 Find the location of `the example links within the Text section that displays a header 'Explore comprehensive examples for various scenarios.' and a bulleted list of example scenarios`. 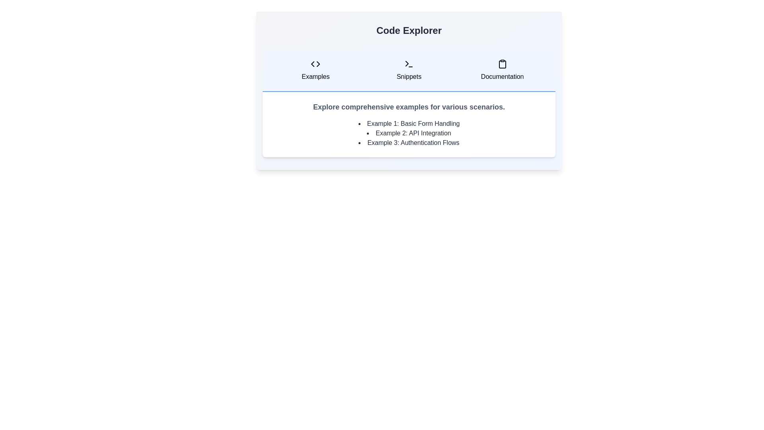

the example links within the Text section that displays a header 'Explore comprehensive examples for various scenarios.' and a bulleted list of example scenarios is located at coordinates (409, 103).